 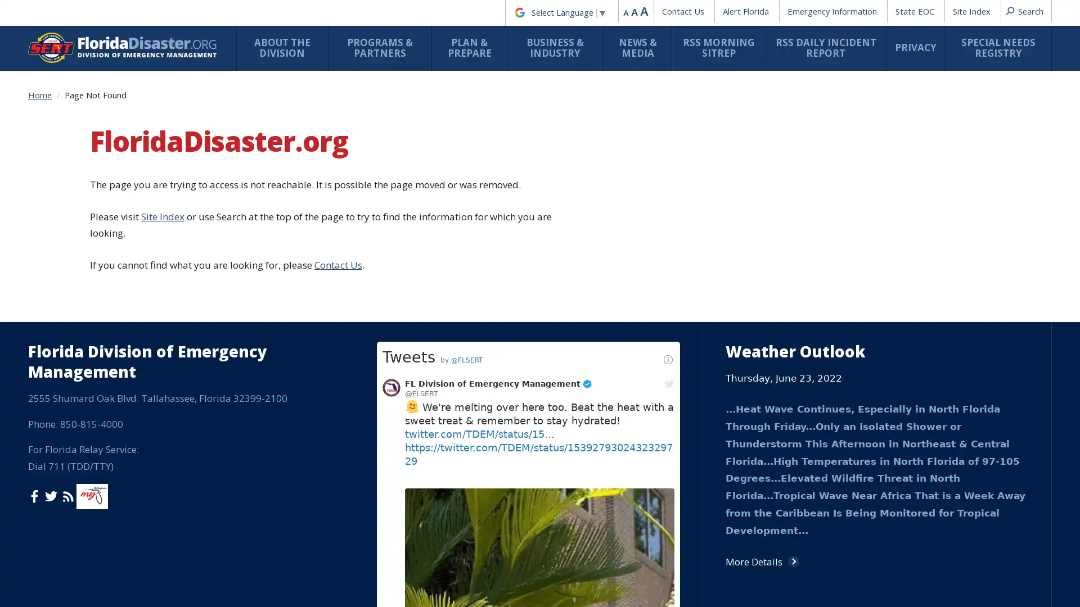 I want to click on Toggle More, so click(x=337, y=213).